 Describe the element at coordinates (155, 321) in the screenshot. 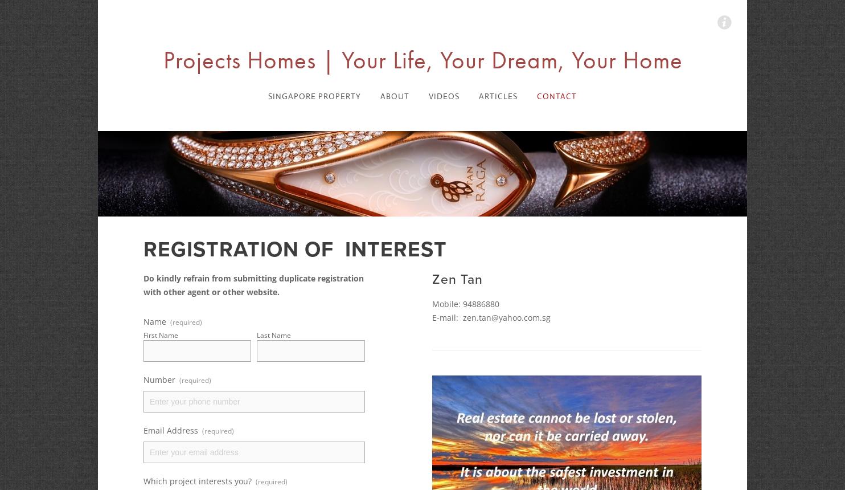

I see `'Name'` at that location.